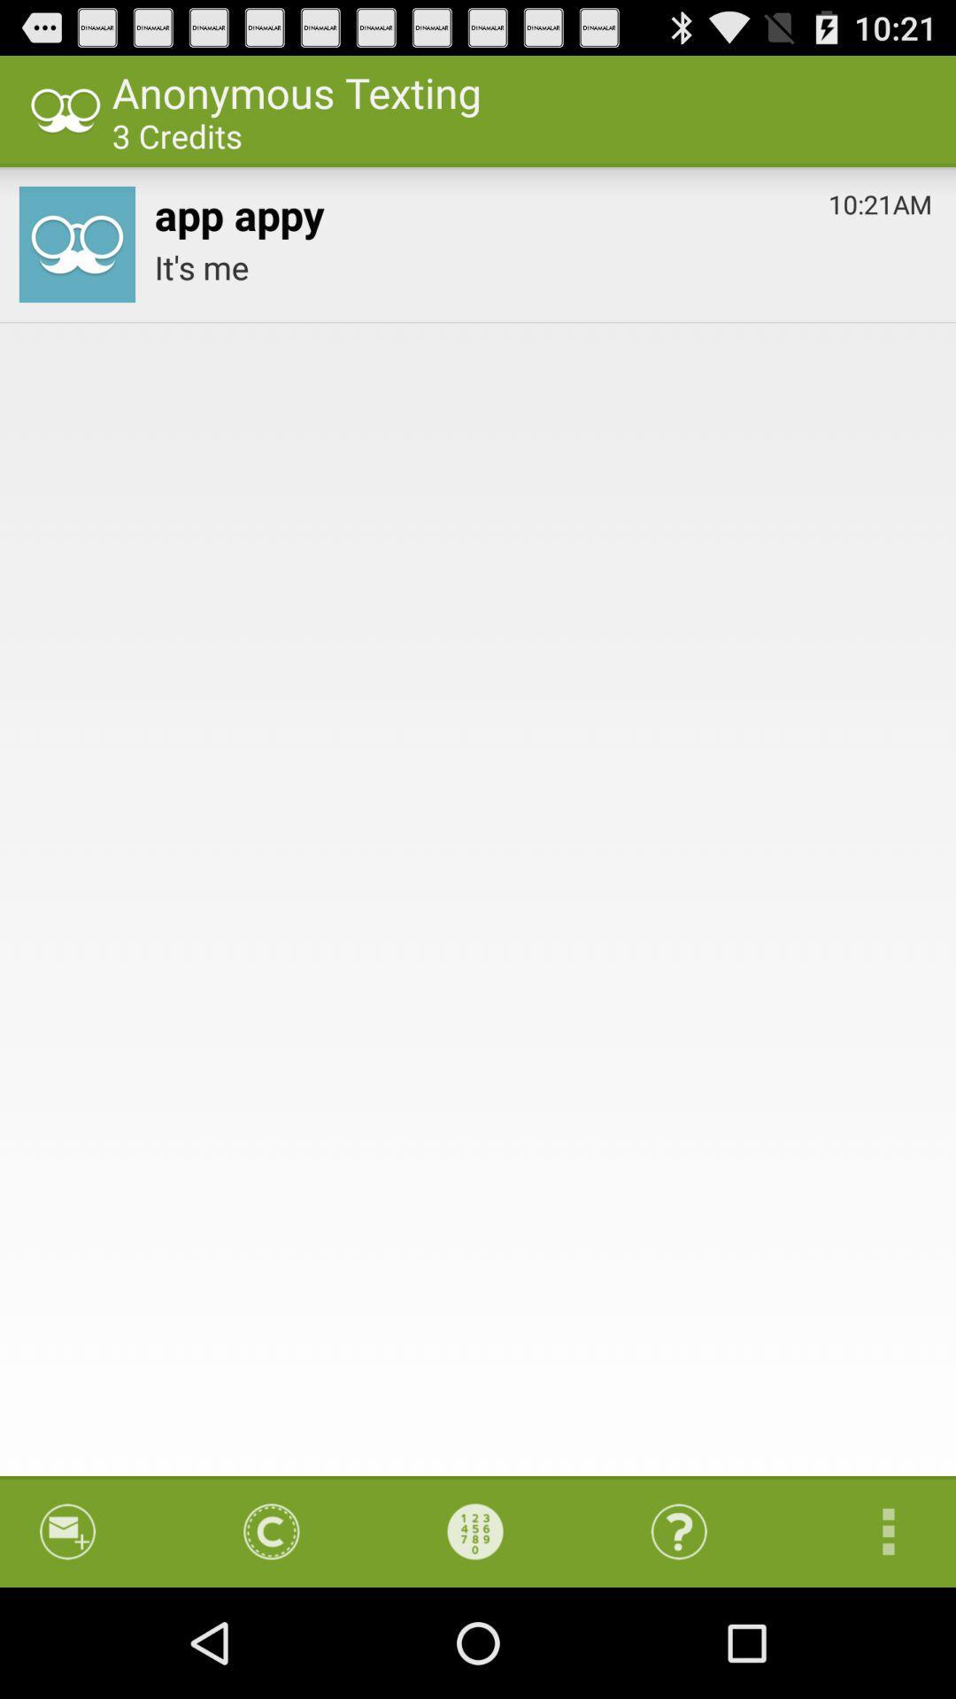 The width and height of the screenshot is (956, 1699). What do you see at coordinates (474, 1531) in the screenshot?
I see `the app below it's me item` at bounding box center [474, 1531].